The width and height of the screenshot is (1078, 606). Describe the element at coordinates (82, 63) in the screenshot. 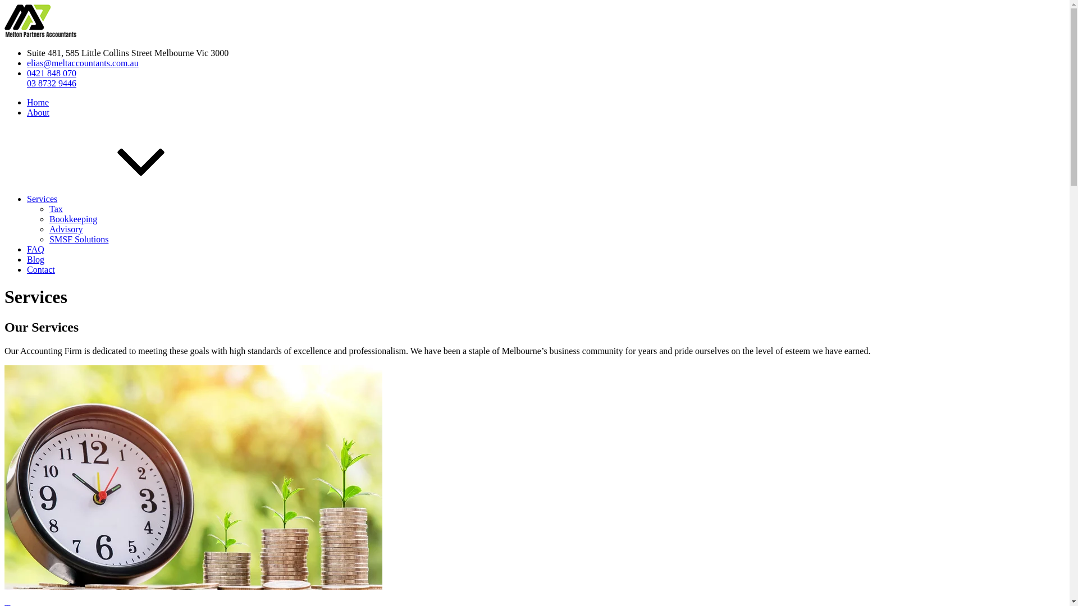

I see `'elias@meltaccountants.com.au'` at that location.